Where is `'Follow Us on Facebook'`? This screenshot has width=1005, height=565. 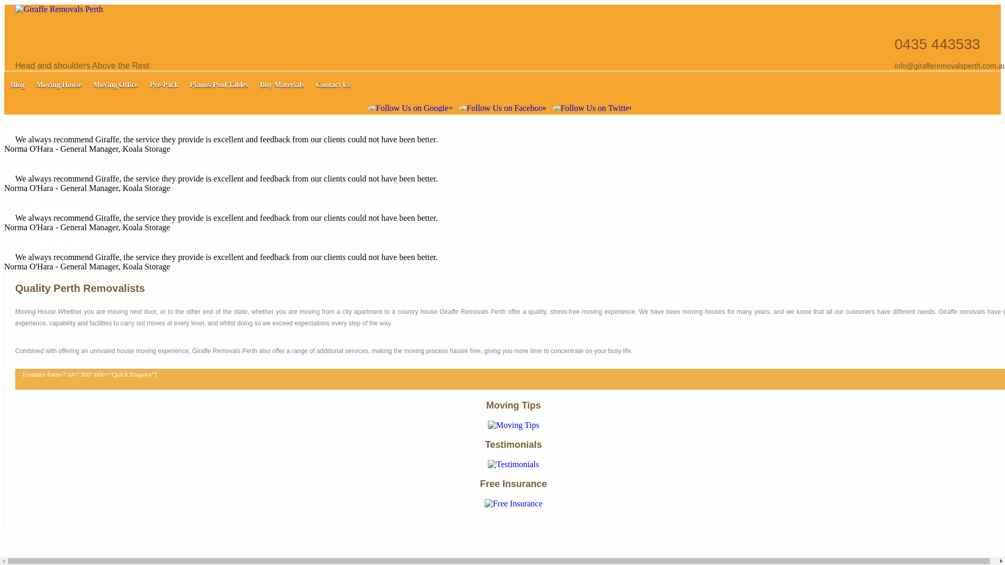 'Follow Us on Facebook' is located at coordinates (502, 108).